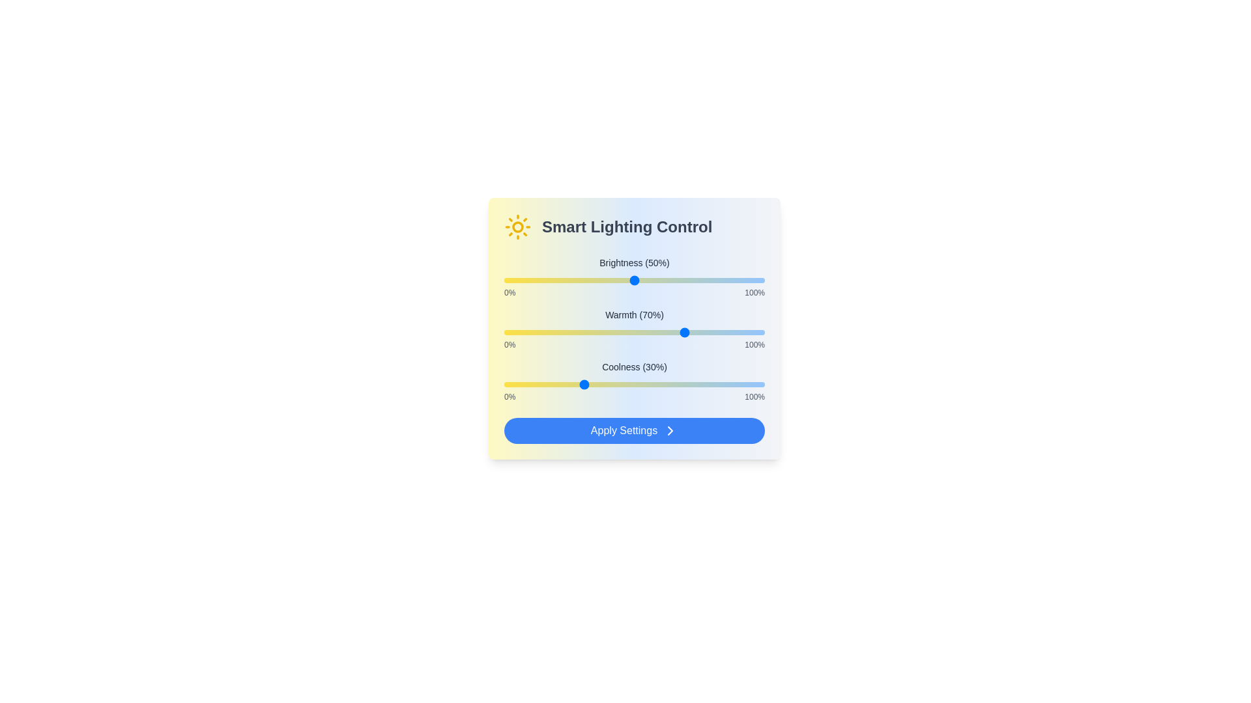 This screenshot has width=1251, height=703. Describe the element at coordinates (635, 226) in the screenshot. I see `the text area labeled 'Smart Lighting Control' and read its content` at that location.